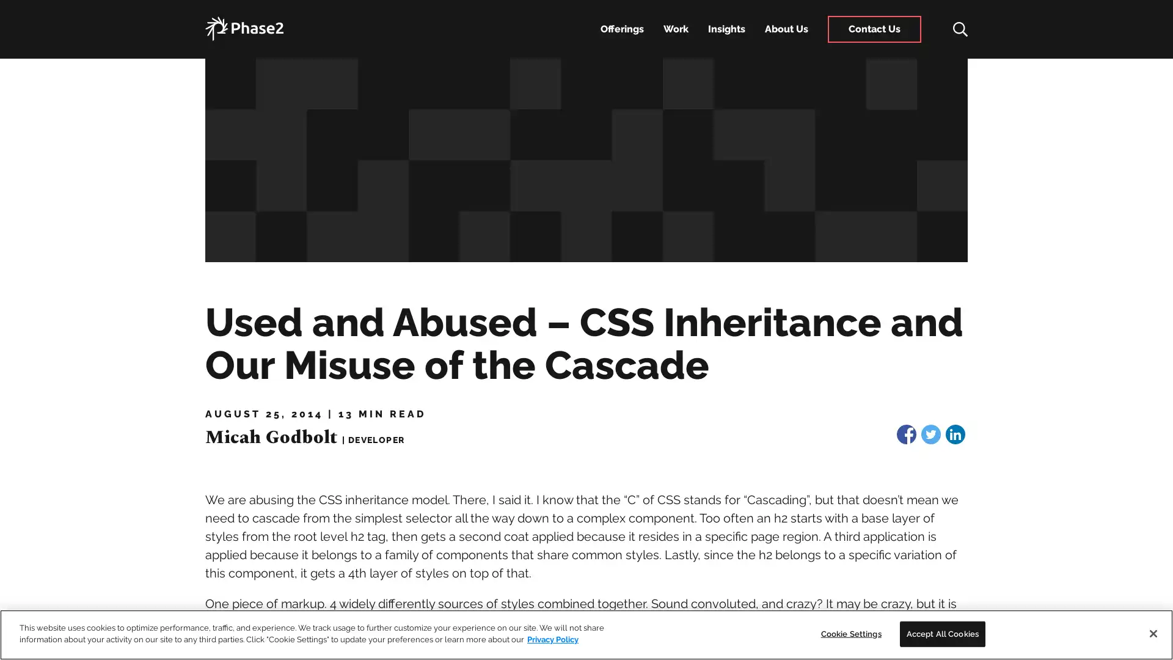 The image size is (1173, 660). What do you see at coordinates (953, 28) in the screenshot?
I see `trigger modal` at bounding box center [953, 28].